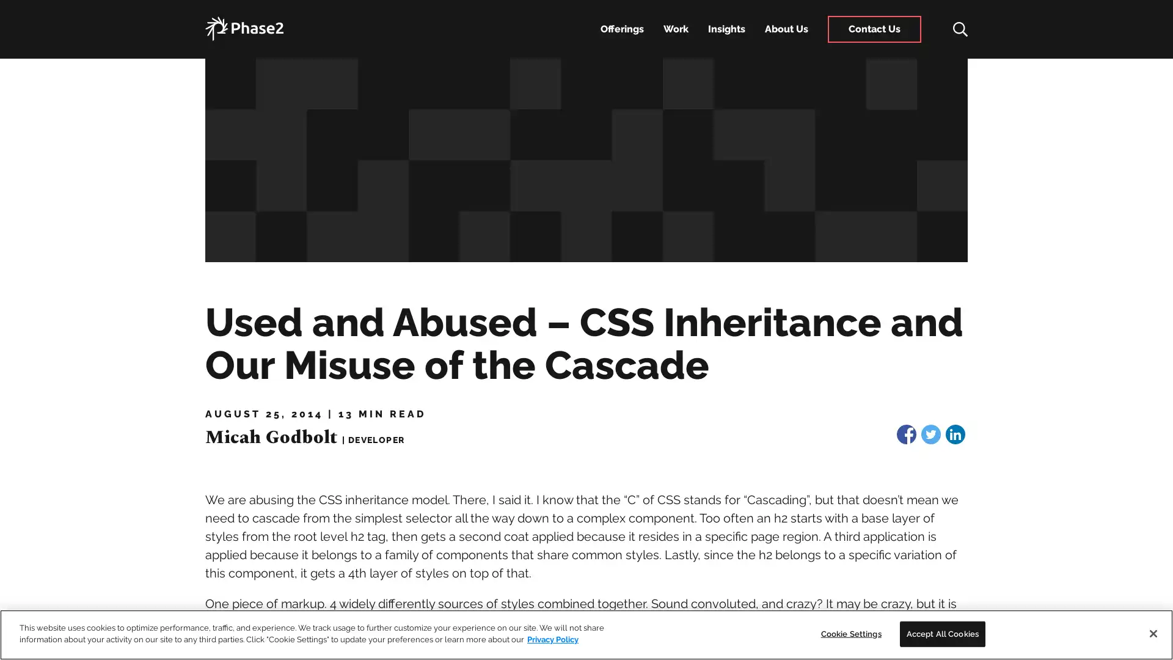 The image size is (1173, 660). What do you see at coordinates (953, 28) in the screenshot?
I see `trigger modal` at bounding box center [953, 28].